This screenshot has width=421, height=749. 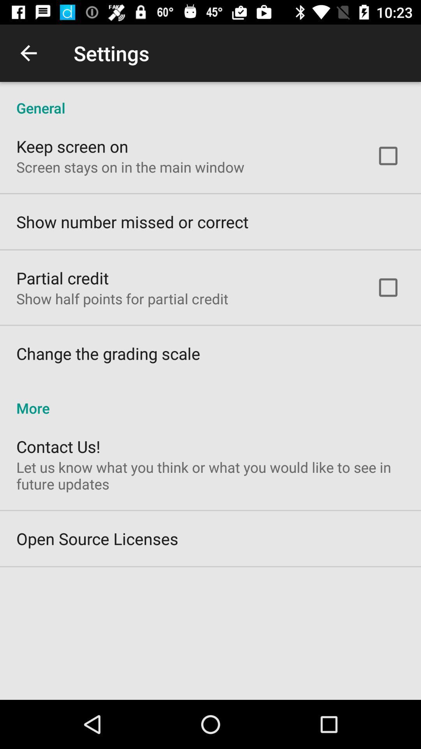 I want to click on the icon to the left of the settings icon, so click(x=28, y=53).